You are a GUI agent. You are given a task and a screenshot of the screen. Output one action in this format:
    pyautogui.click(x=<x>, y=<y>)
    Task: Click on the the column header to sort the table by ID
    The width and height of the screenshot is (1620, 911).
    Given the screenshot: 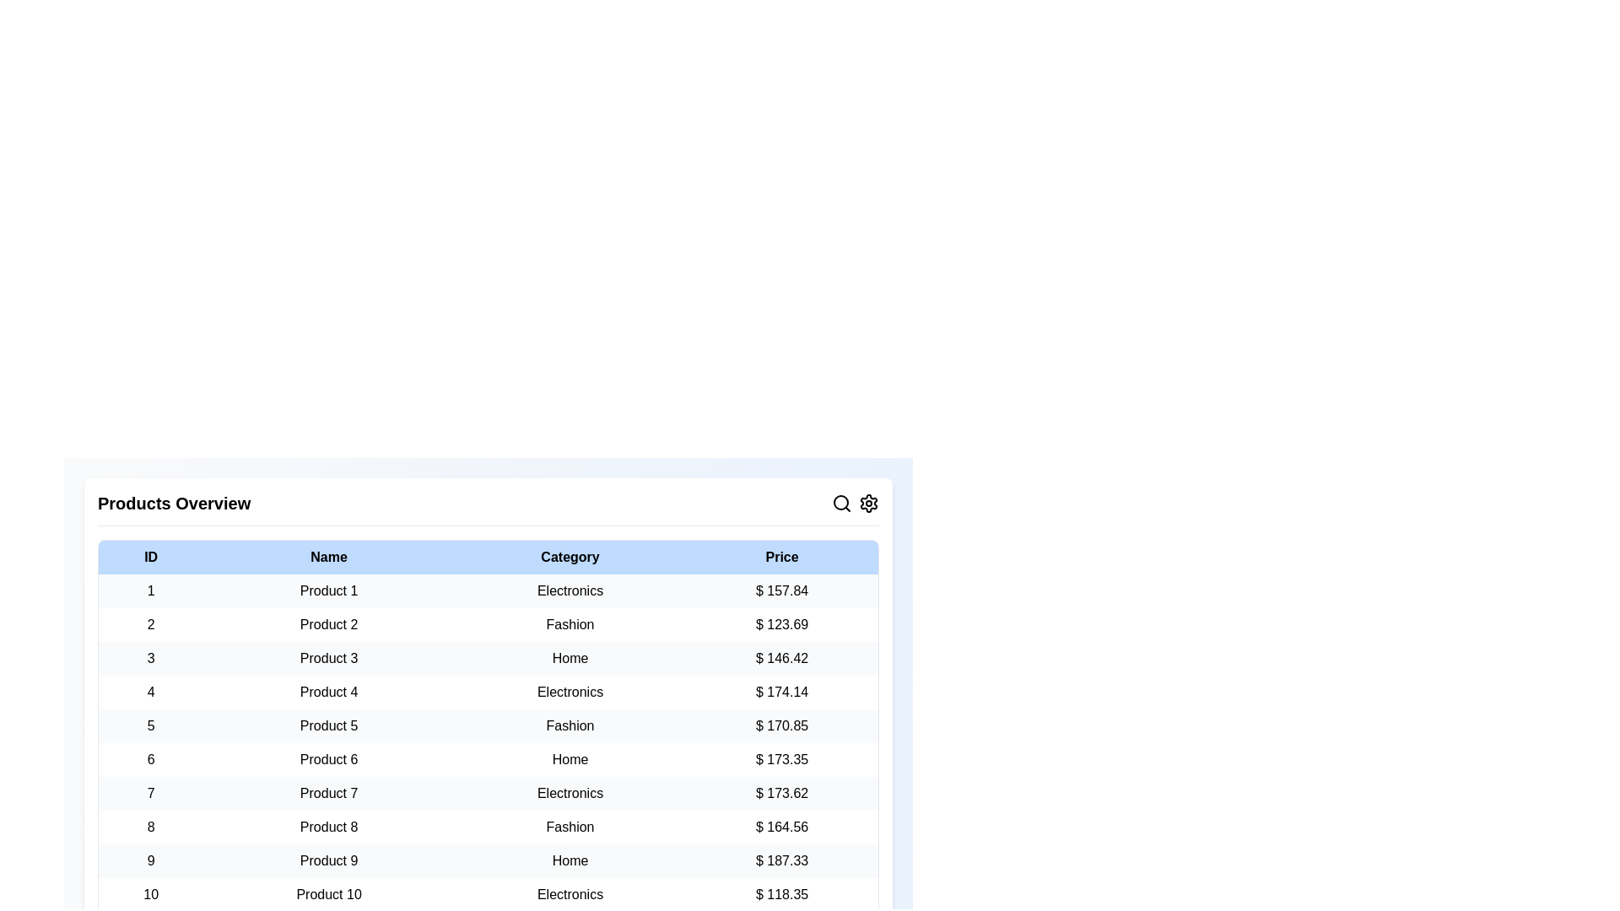 What is the action you would take?
    pyautogui.click(x=150, y=557)
    